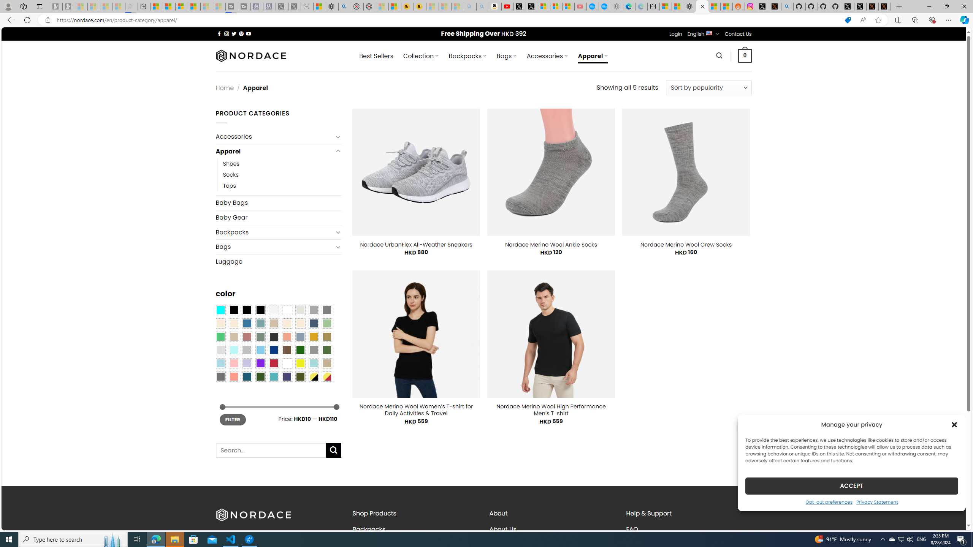  What do you see at coordinates (848, 6) in the screenshot?
I see `'Profile / X'` at bounding box center [848, 6].